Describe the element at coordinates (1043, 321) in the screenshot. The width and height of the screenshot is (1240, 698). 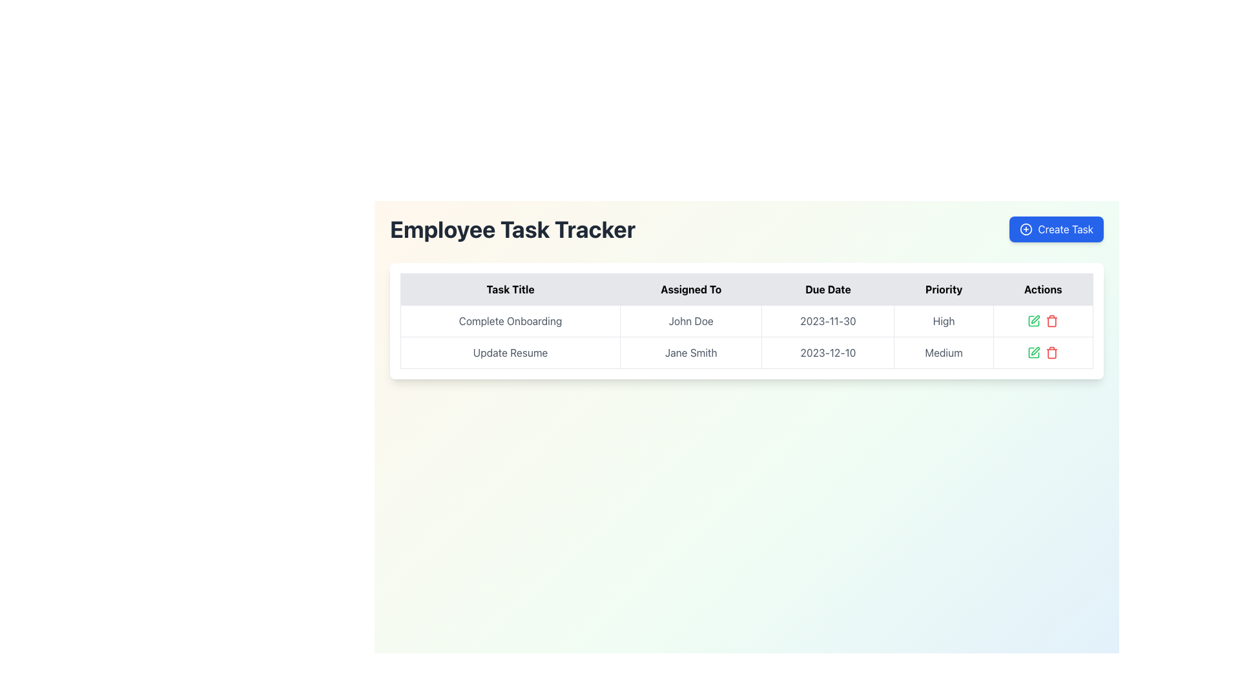
I see `the green edit button with a pencil icon in the Actions column of the Employee Task Tracker table for the task 'Complete Onboarding' assigned to 'John Doe'` at that location.